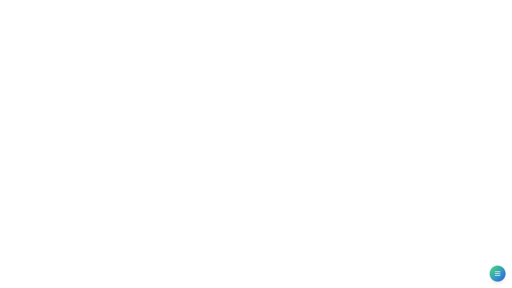 The image size is (512, 288). What do you see at coordinates (497, 274) in the screenshot?
I see `the floating button to toggle the menu visibility` at bounding box center [497, 274].